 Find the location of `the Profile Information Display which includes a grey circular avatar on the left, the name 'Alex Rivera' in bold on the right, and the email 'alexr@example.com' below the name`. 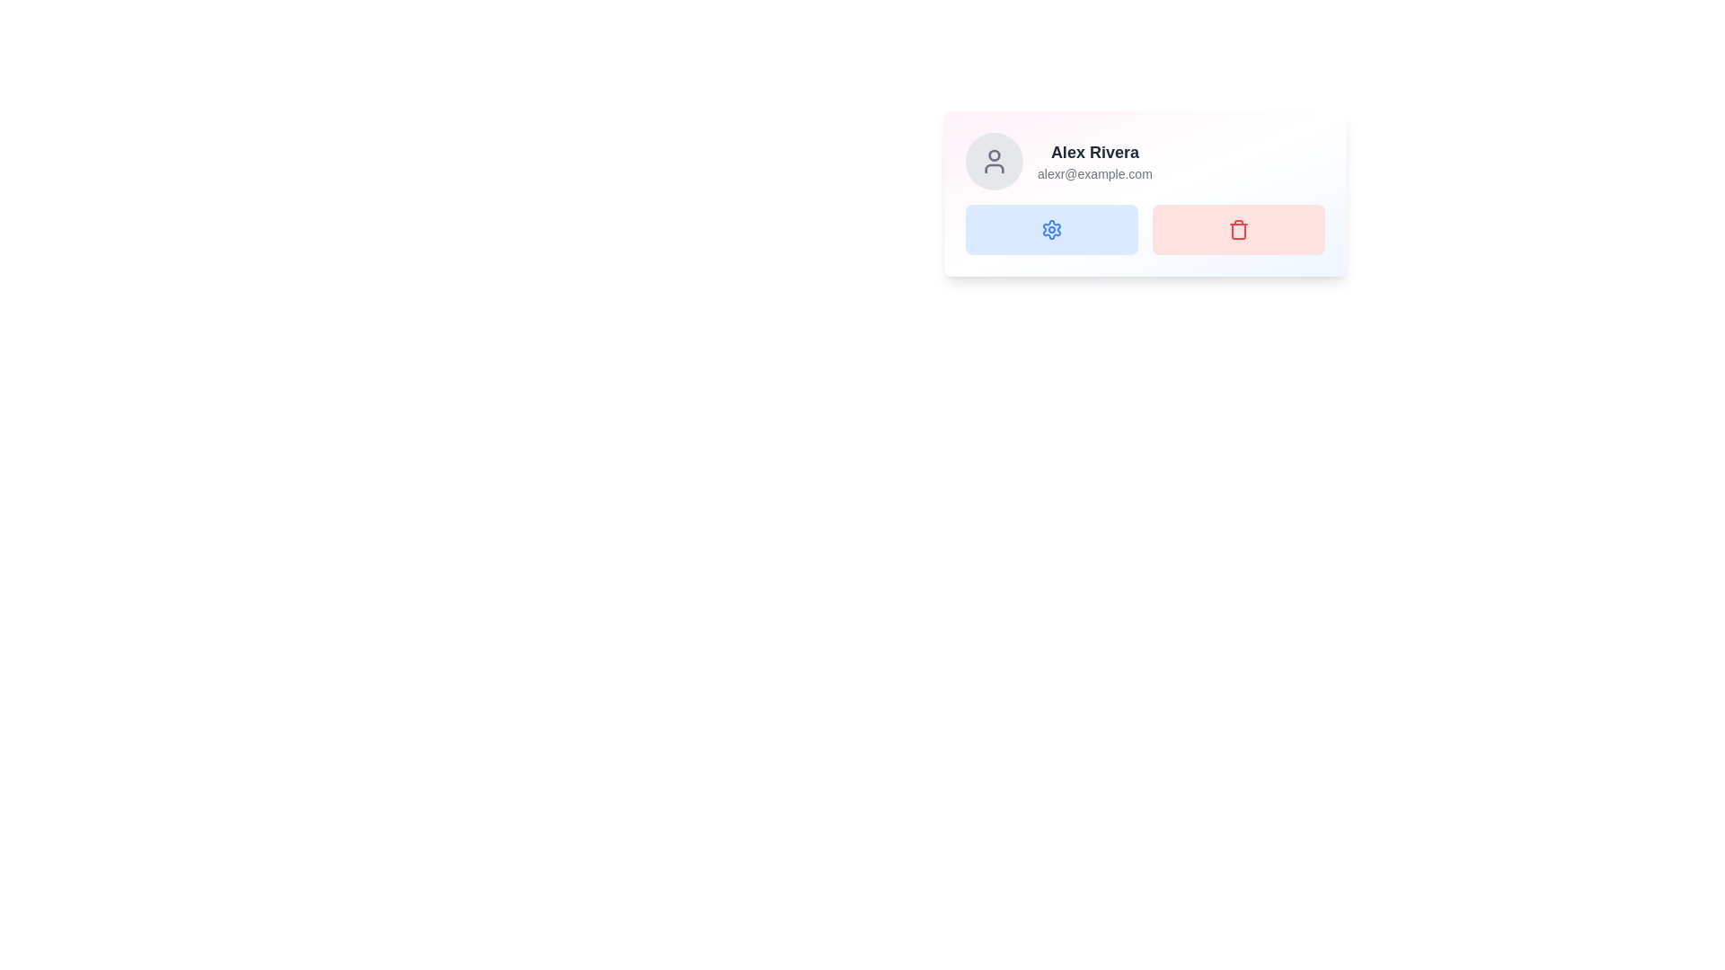

the Profile Information Display which includes a grey circular avatar on the left, the name 'Alex Rivera' in bold on the right, and the email 'alexr@example.com' below the name is located at coordinates (1145, 162).